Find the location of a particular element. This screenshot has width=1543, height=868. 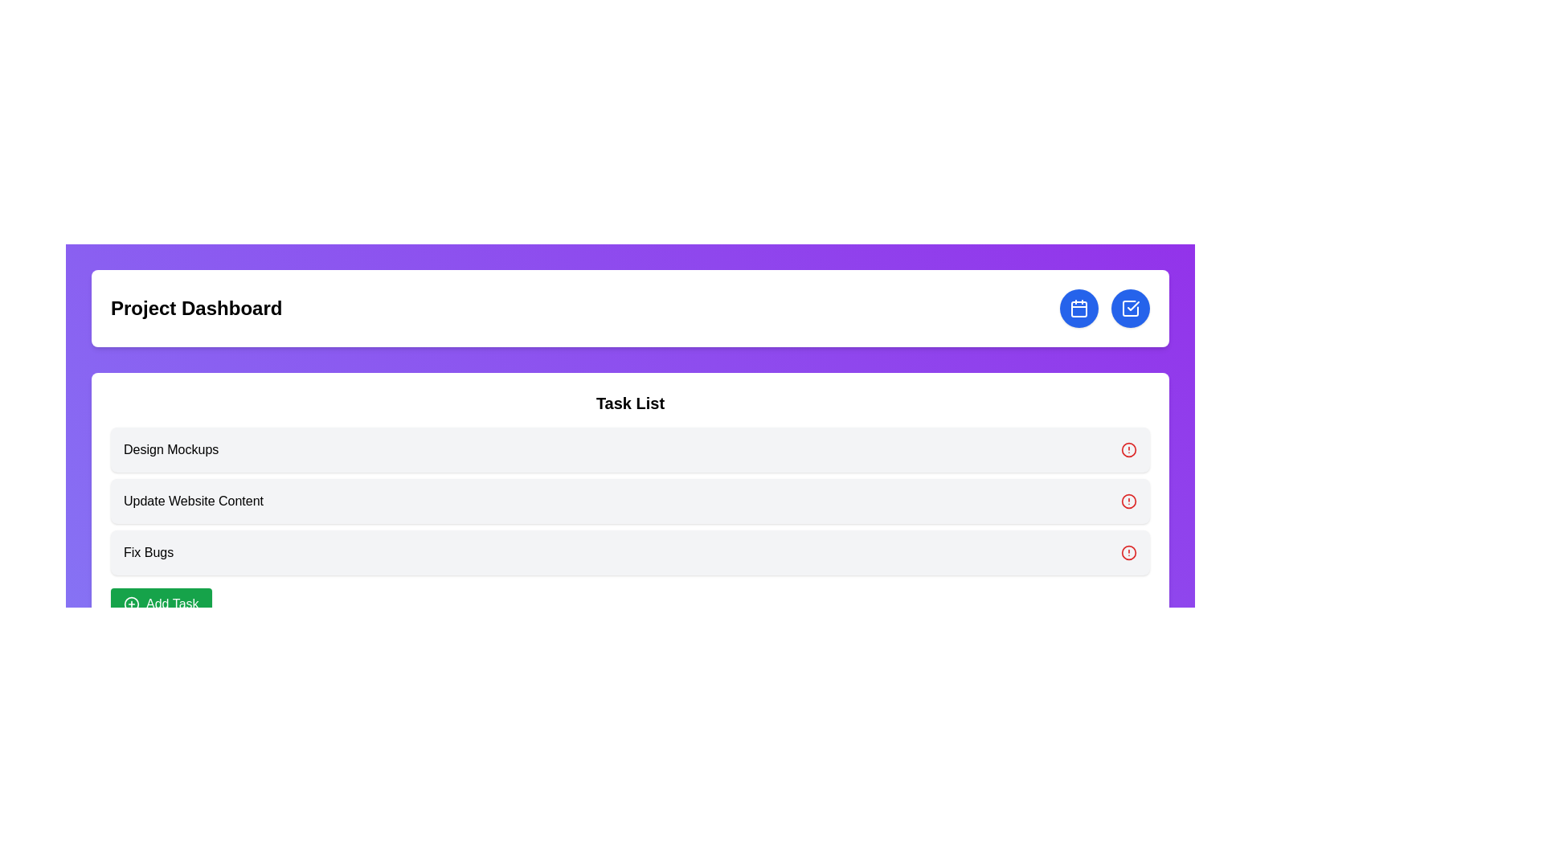

the rounded rectangle shape within the calendar icon located in the top-right corner of the purple header bar is located at coordinates (1079, 309).